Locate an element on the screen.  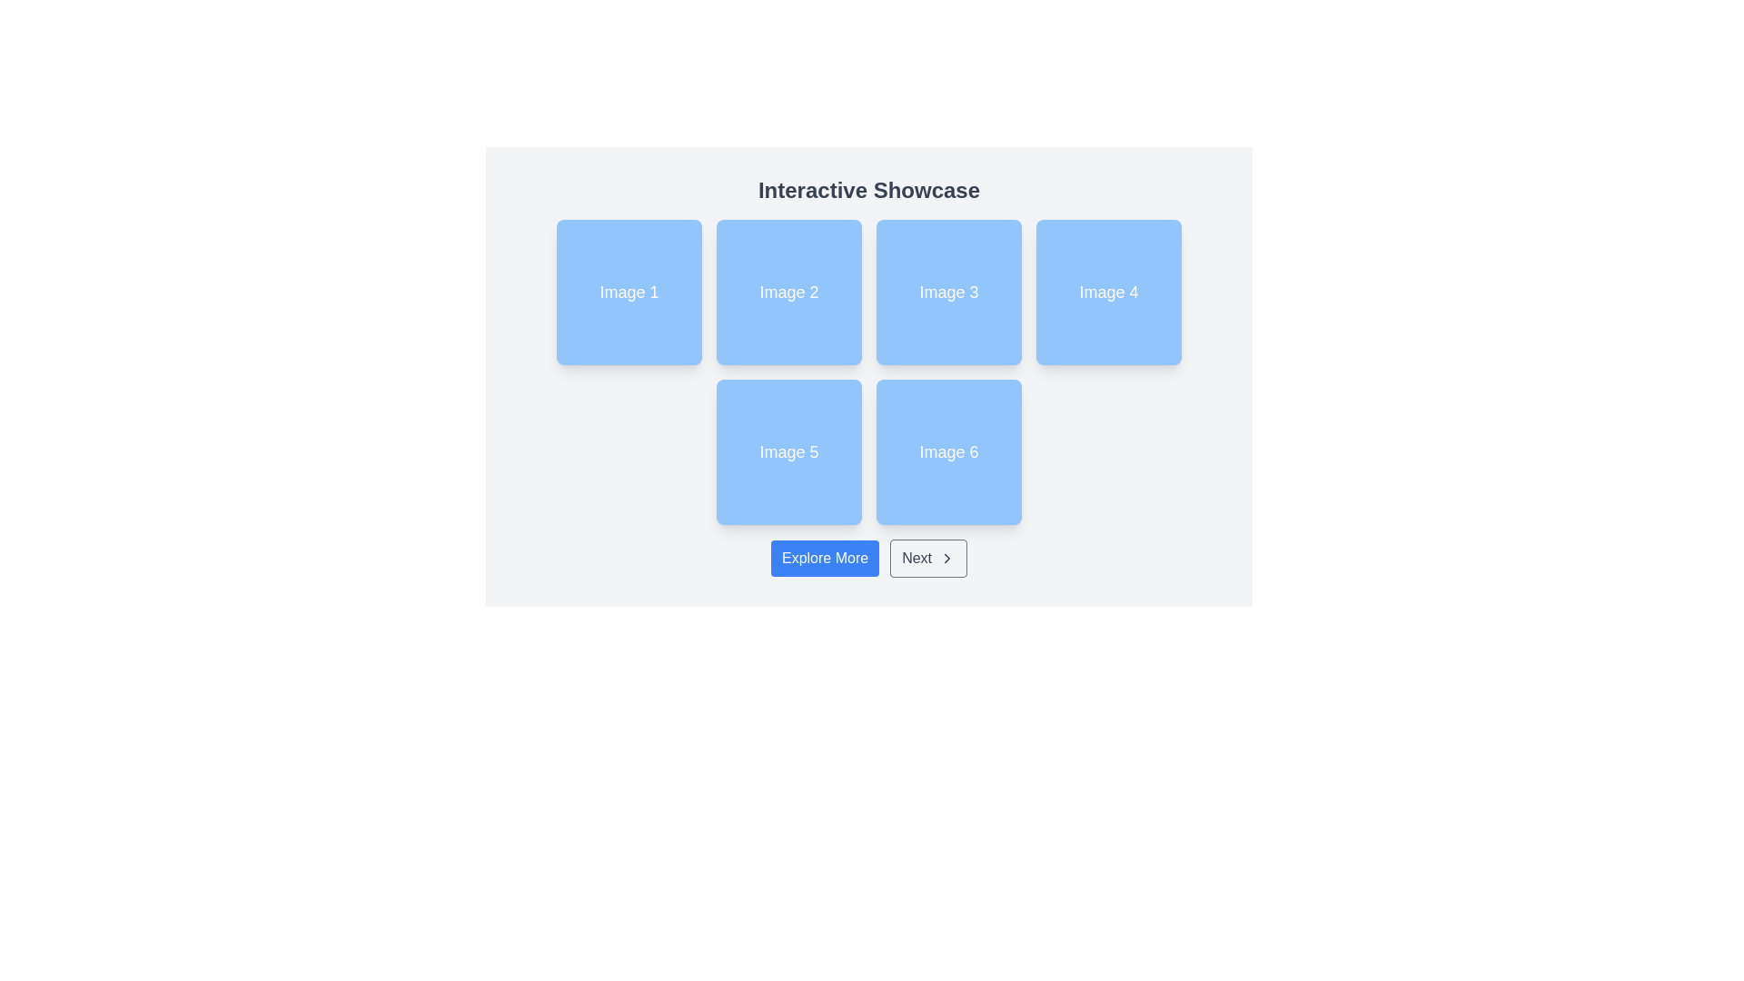
the small chevron-right icon within the 'Next' button located at the right of the main navigation area, adjacent to the 'Explore More' button is located at coordinates (946, 557).